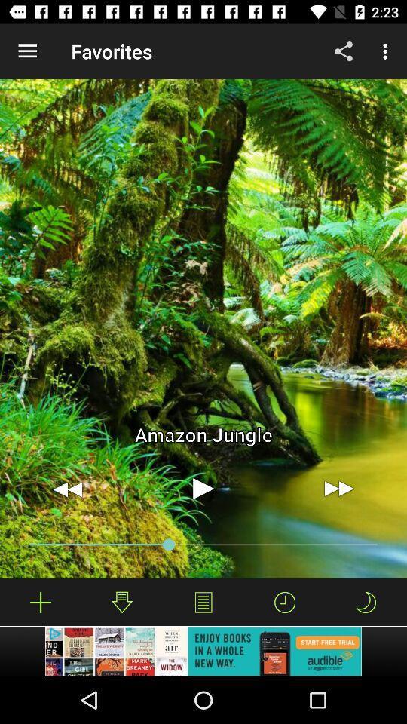 This screenshot has width=407, height=724. I want to click on video, so click(203, 488).